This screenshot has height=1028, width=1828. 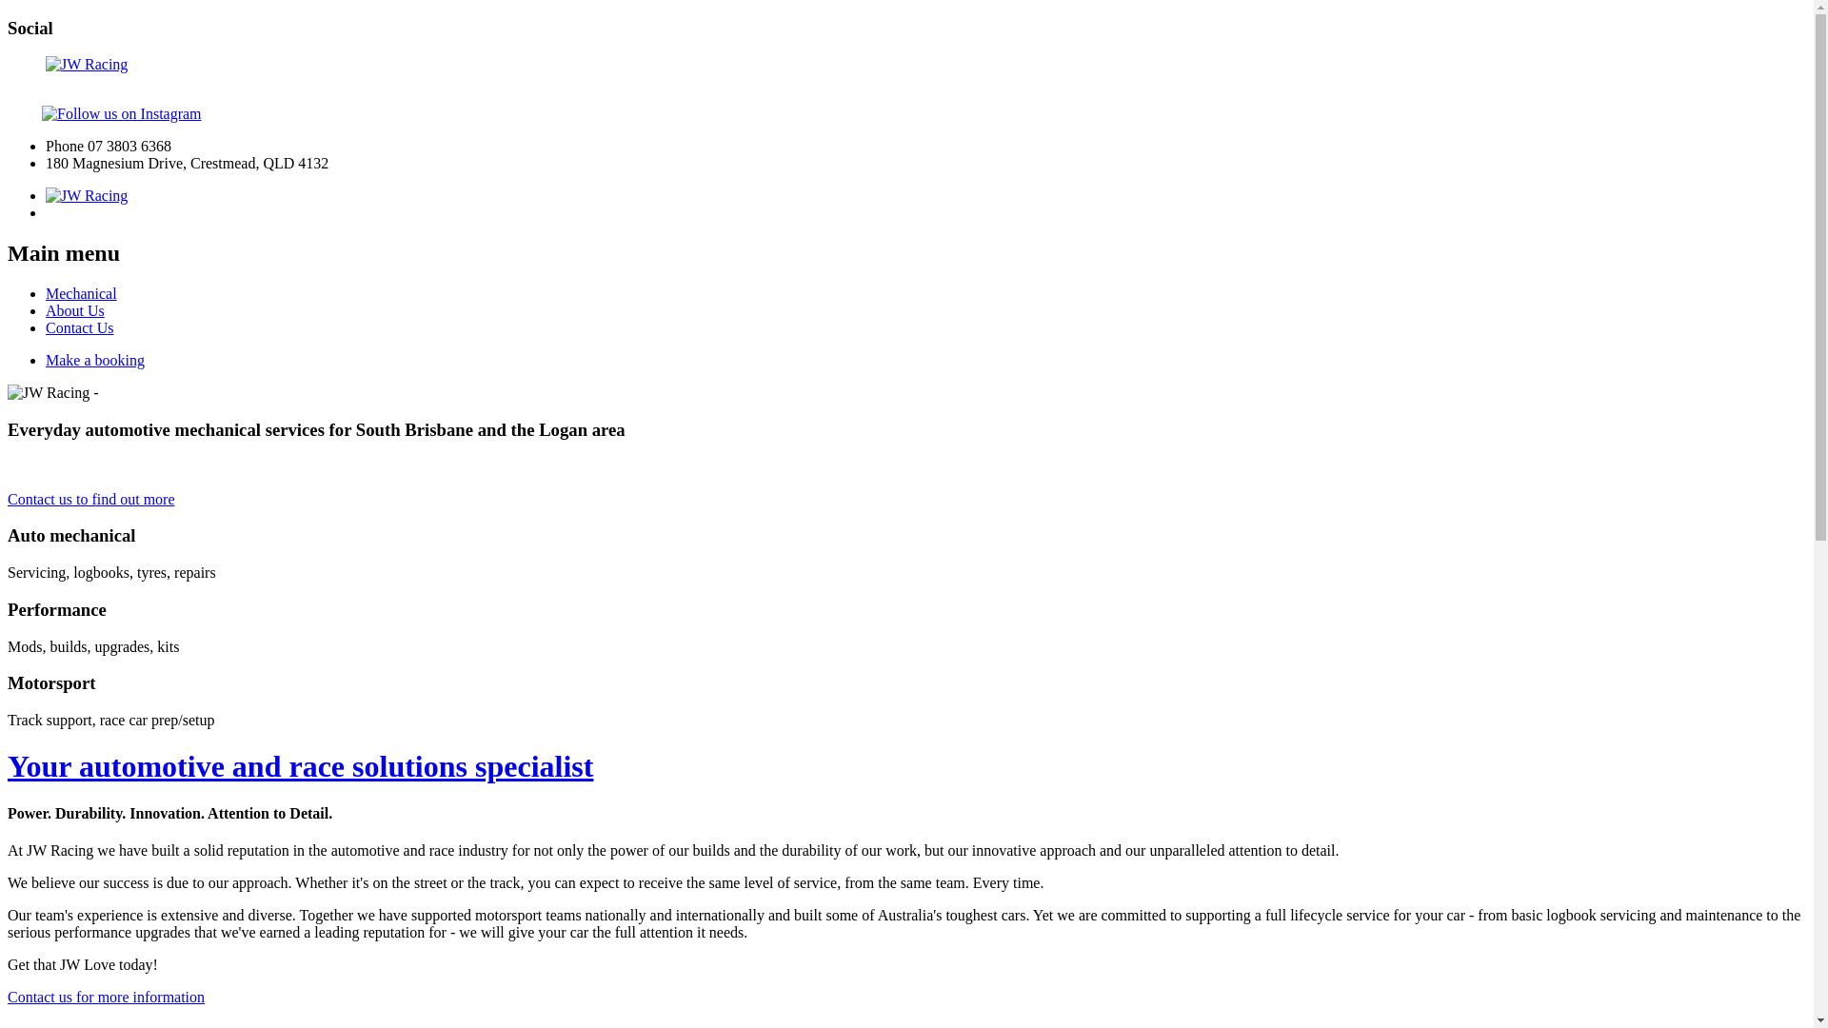 What do you see at coordinates (8, 498) in the screenshot?
I see `'Contact us to find out more'` at bounding box center [8, 498].